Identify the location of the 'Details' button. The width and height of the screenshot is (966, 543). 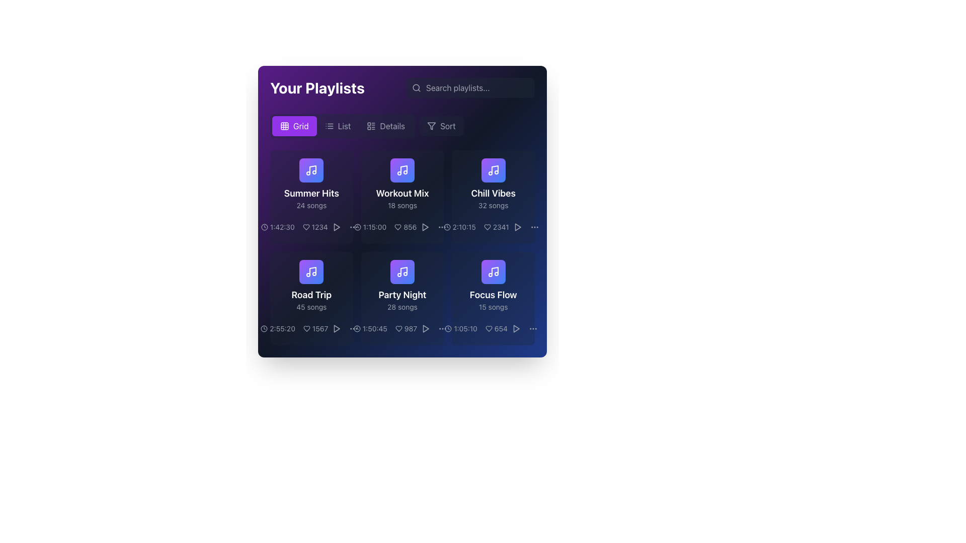
(403, 125).